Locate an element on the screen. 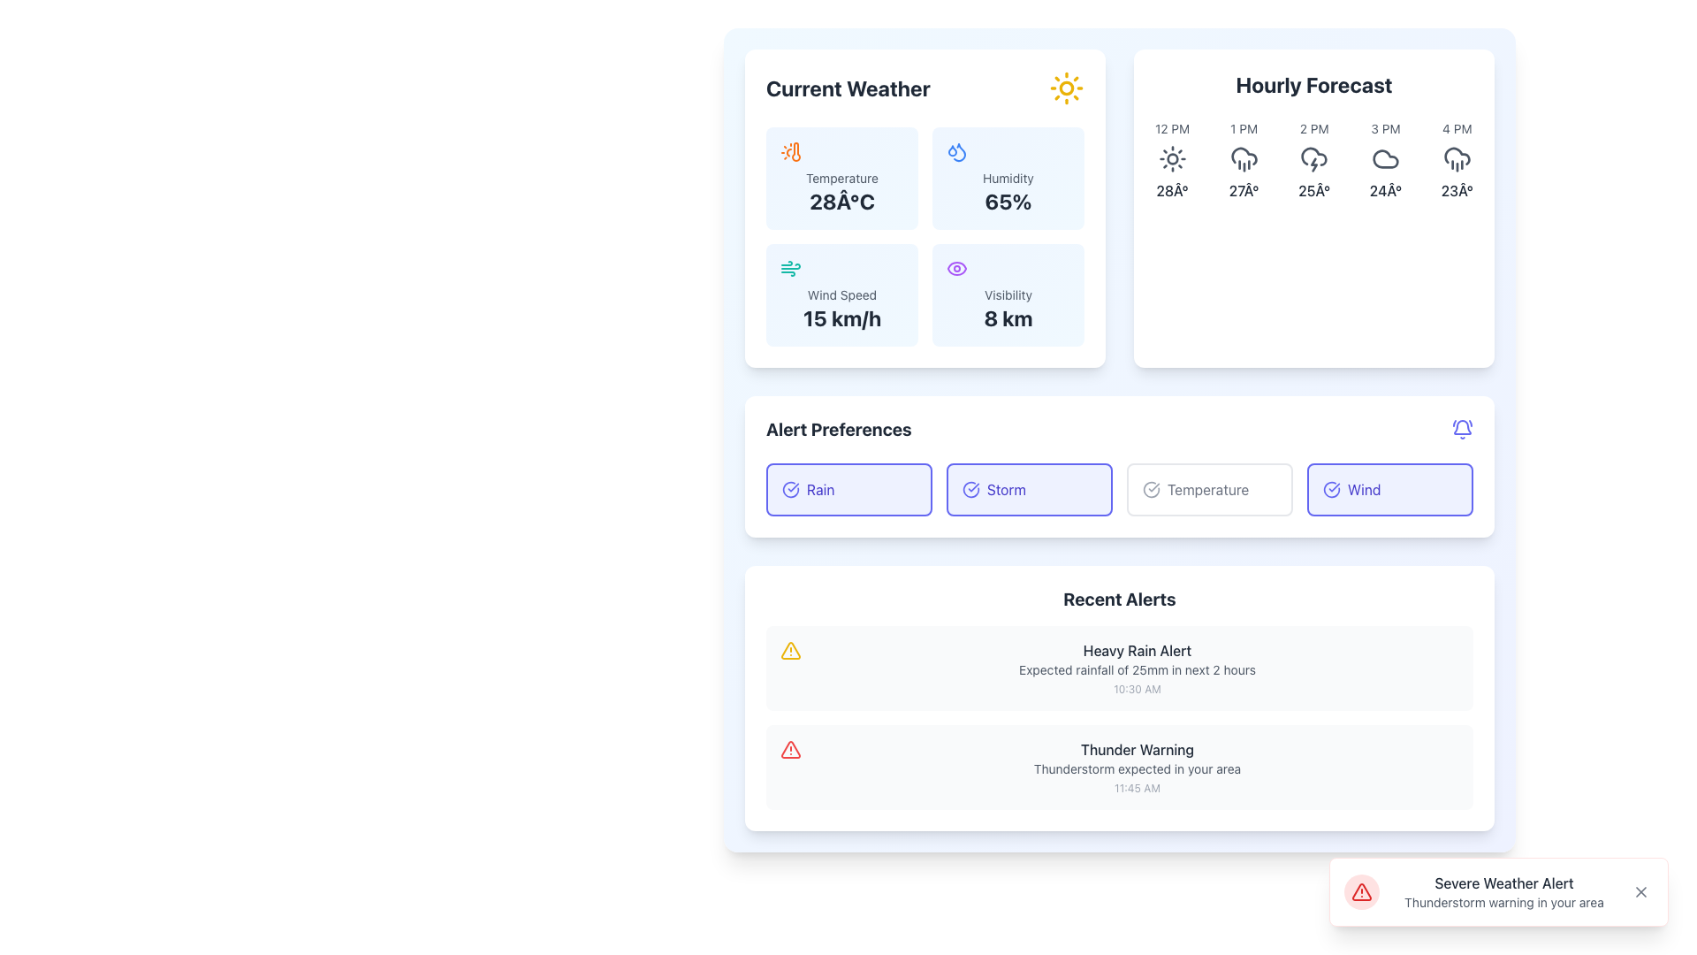 This screenshot has width=1697, height=955. the sun-like icon representing sunny weather in the 'Current Weather' section of the interface is located at coordinates (1065, 88).